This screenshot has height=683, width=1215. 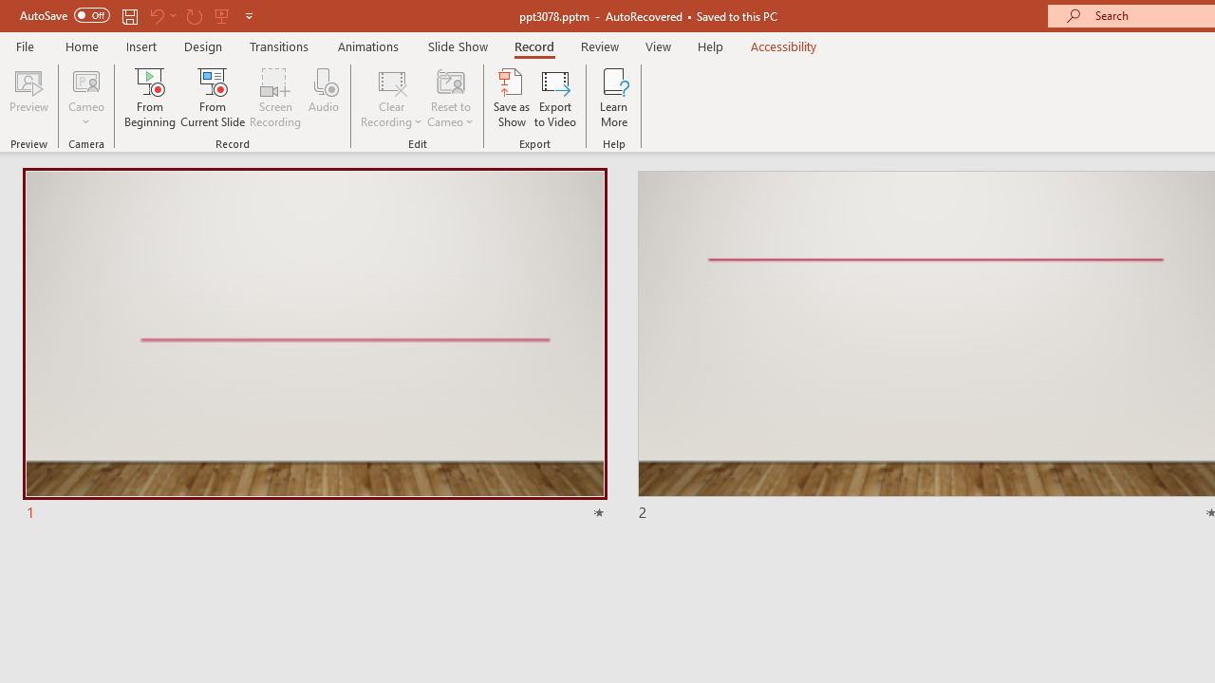 I want to click on 'Audio', so click(x=324, y=98).